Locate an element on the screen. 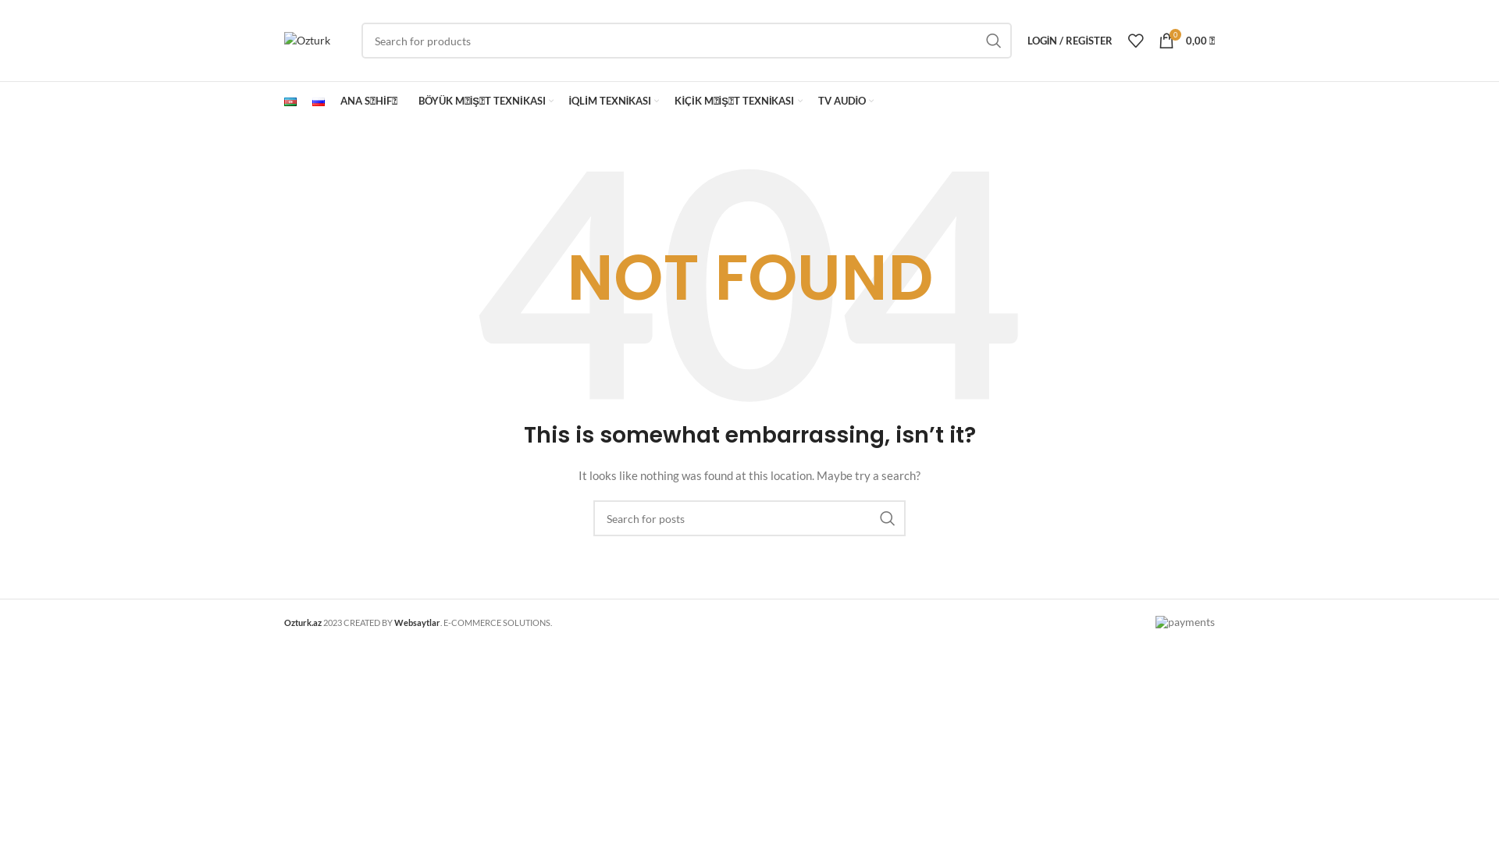 This screenshot has height=843, width=1499. 'Log in' is located at coordinates (982, 289).